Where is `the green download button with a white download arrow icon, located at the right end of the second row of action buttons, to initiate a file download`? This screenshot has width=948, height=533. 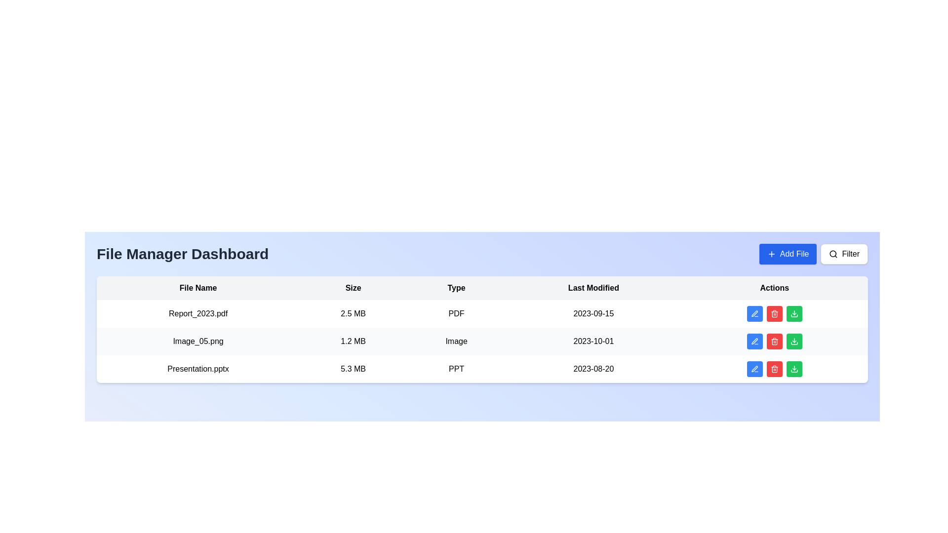
the green download button with a white download arrow icon, located at the right end of the second row of action buttons, to initiate a file download is located at coordinates (794, 341).